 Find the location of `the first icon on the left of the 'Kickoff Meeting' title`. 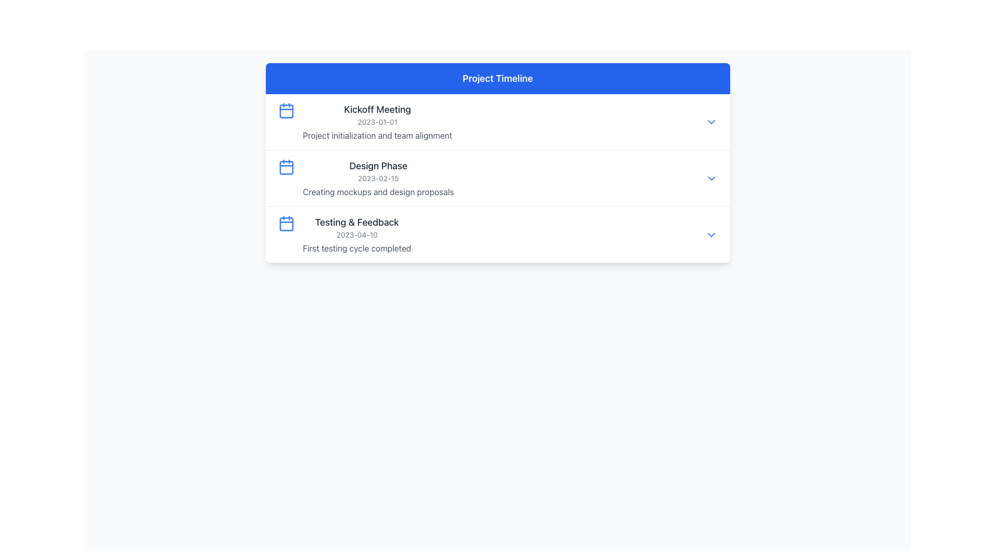

the first icon on the left of the 'Kickoff Meeting' title is located at coordinates (286, 110).